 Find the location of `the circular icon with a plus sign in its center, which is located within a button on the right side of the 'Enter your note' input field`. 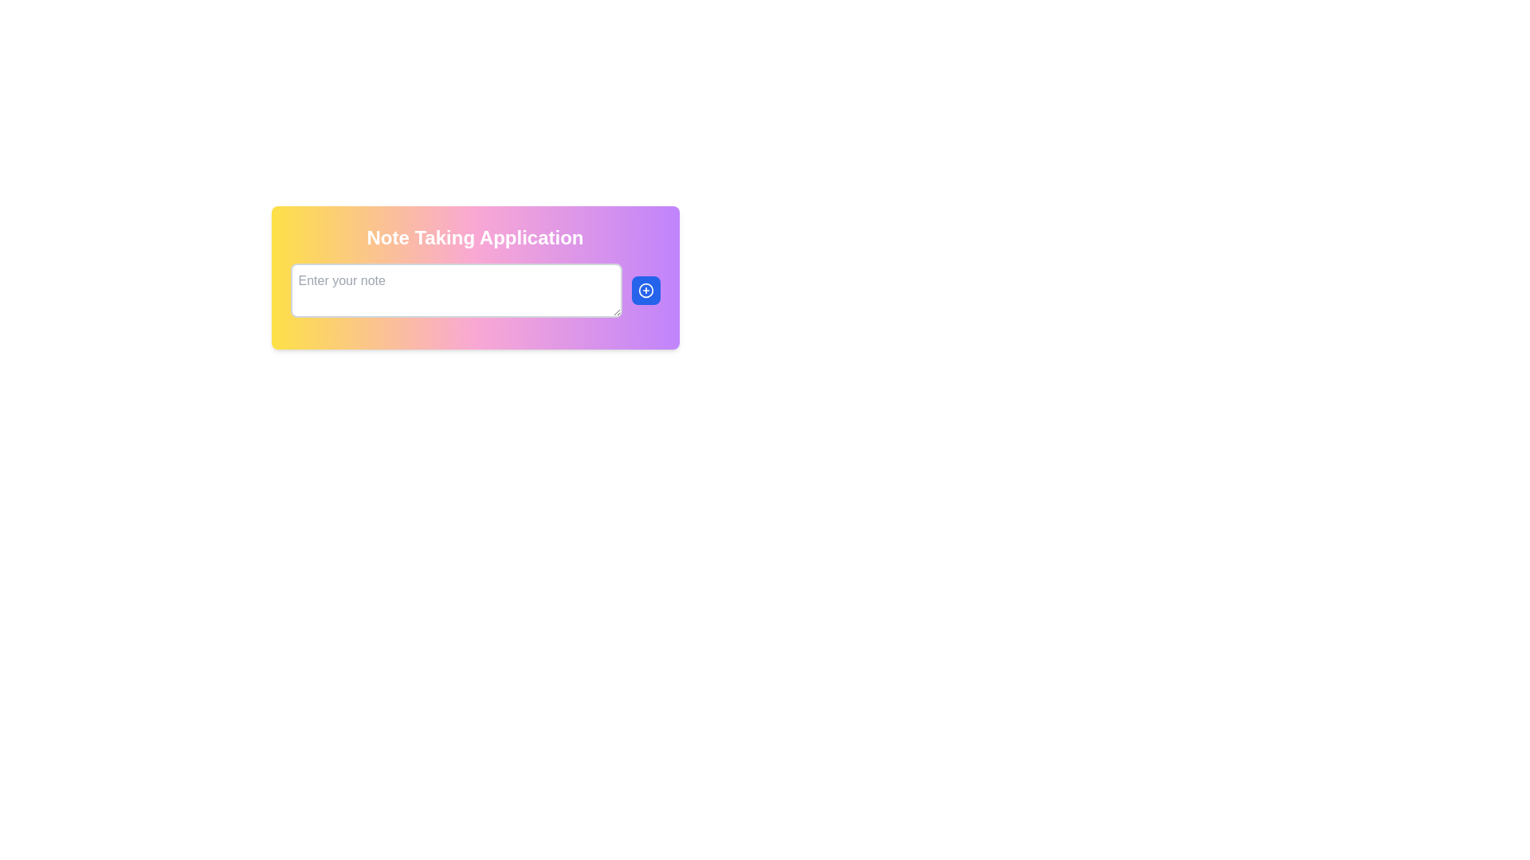

the circular icon with a plus sign in its center, which is located within a button on the right side of the 'Enter your note' input field is located at coordinates (645, 291).